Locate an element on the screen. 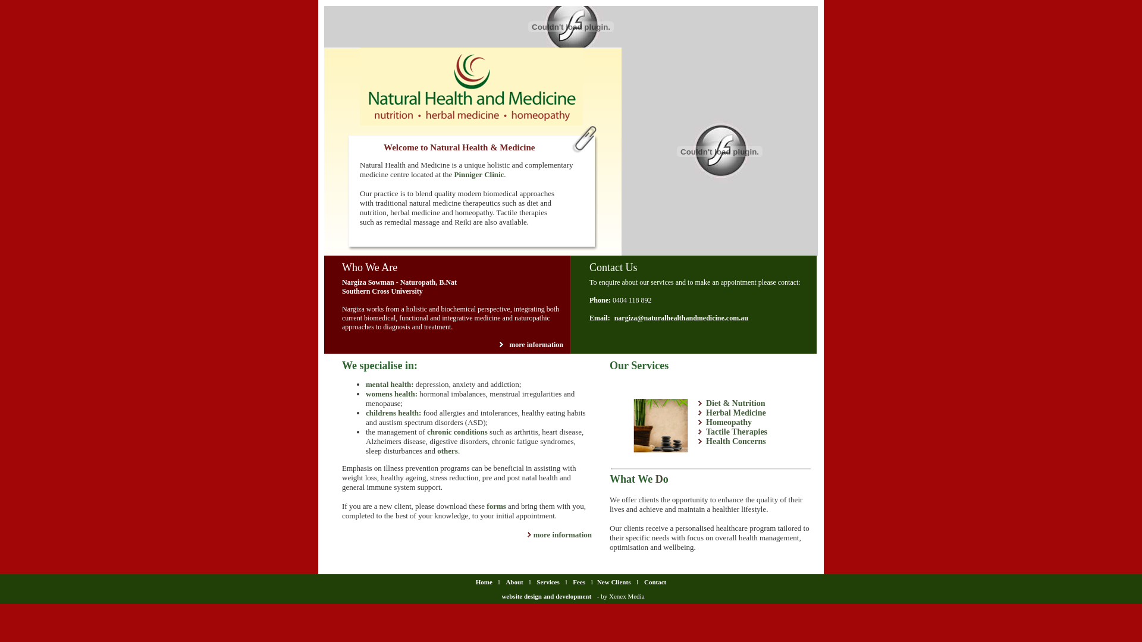  'Contact' is located at coordinates (654, 581).